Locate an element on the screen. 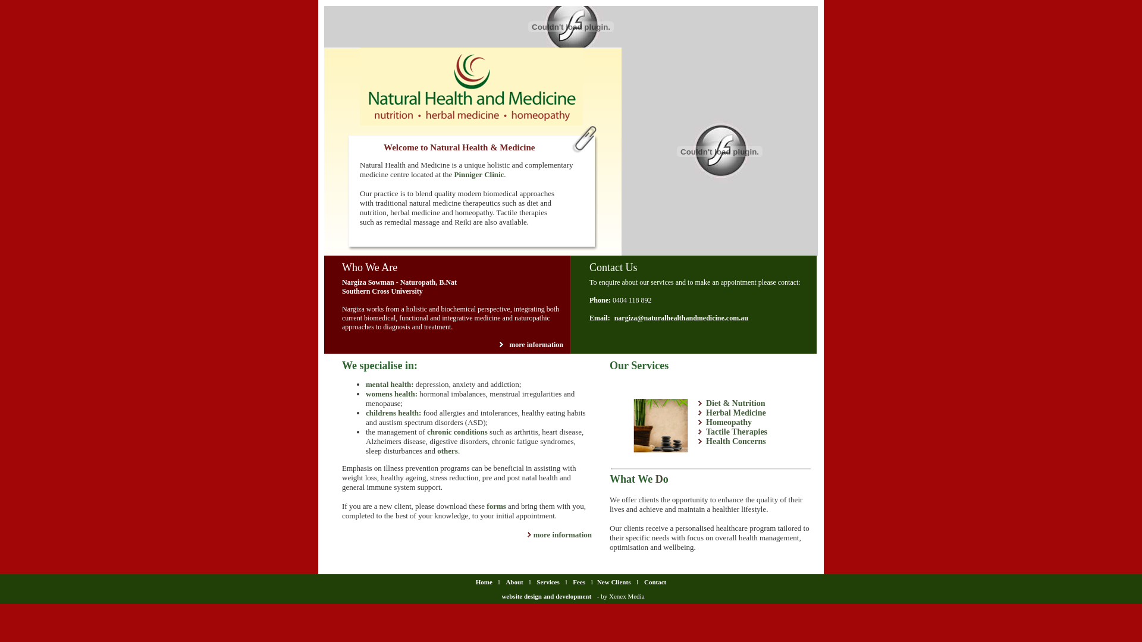  'Contact' is located at coordinates (654, 581).